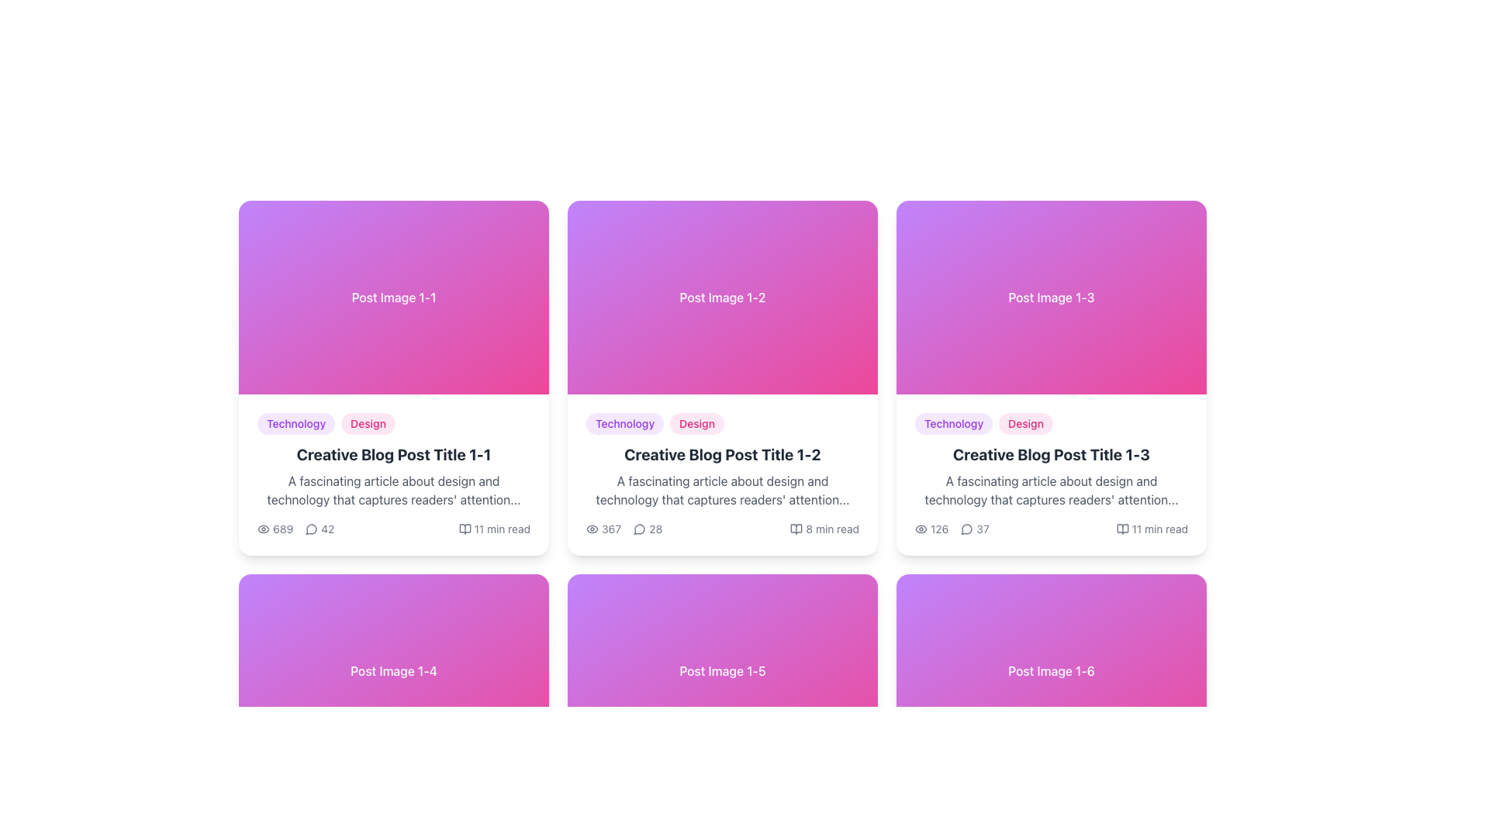  Describe the element at coordinates (824, 528) in the screenshot. I see `the '8 min read' indicator in the bottom-right metadata section of the second card in the top row` at that location.